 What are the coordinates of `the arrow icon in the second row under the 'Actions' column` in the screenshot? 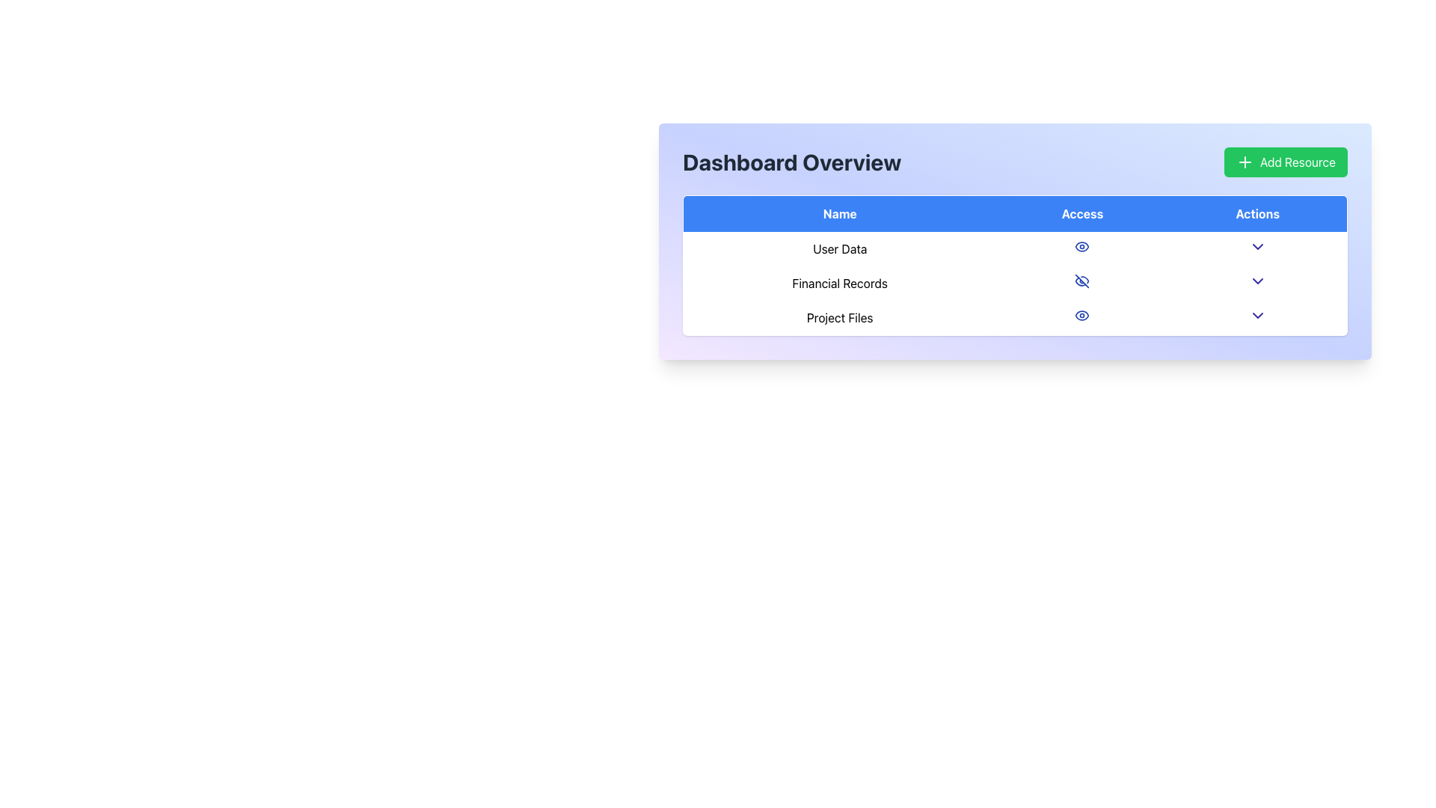 It's located at (1256, 283).